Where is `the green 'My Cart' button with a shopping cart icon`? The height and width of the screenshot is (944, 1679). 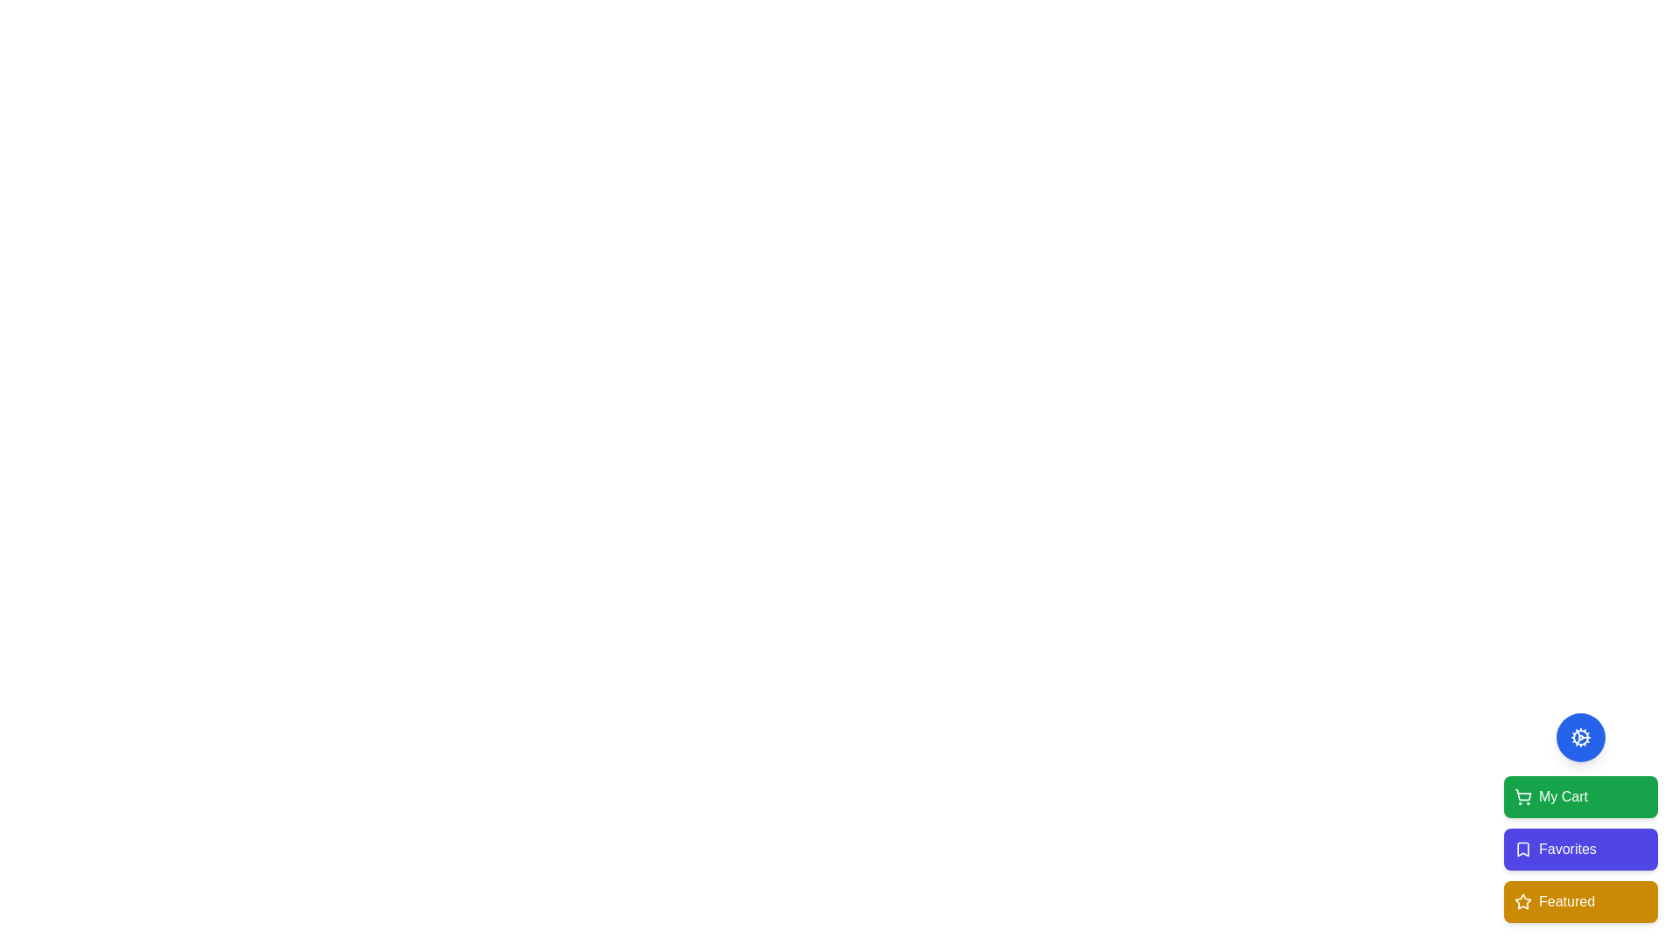
the green 'My Cart' button with a shopping cart icon is located at coordinates (1581, 796).